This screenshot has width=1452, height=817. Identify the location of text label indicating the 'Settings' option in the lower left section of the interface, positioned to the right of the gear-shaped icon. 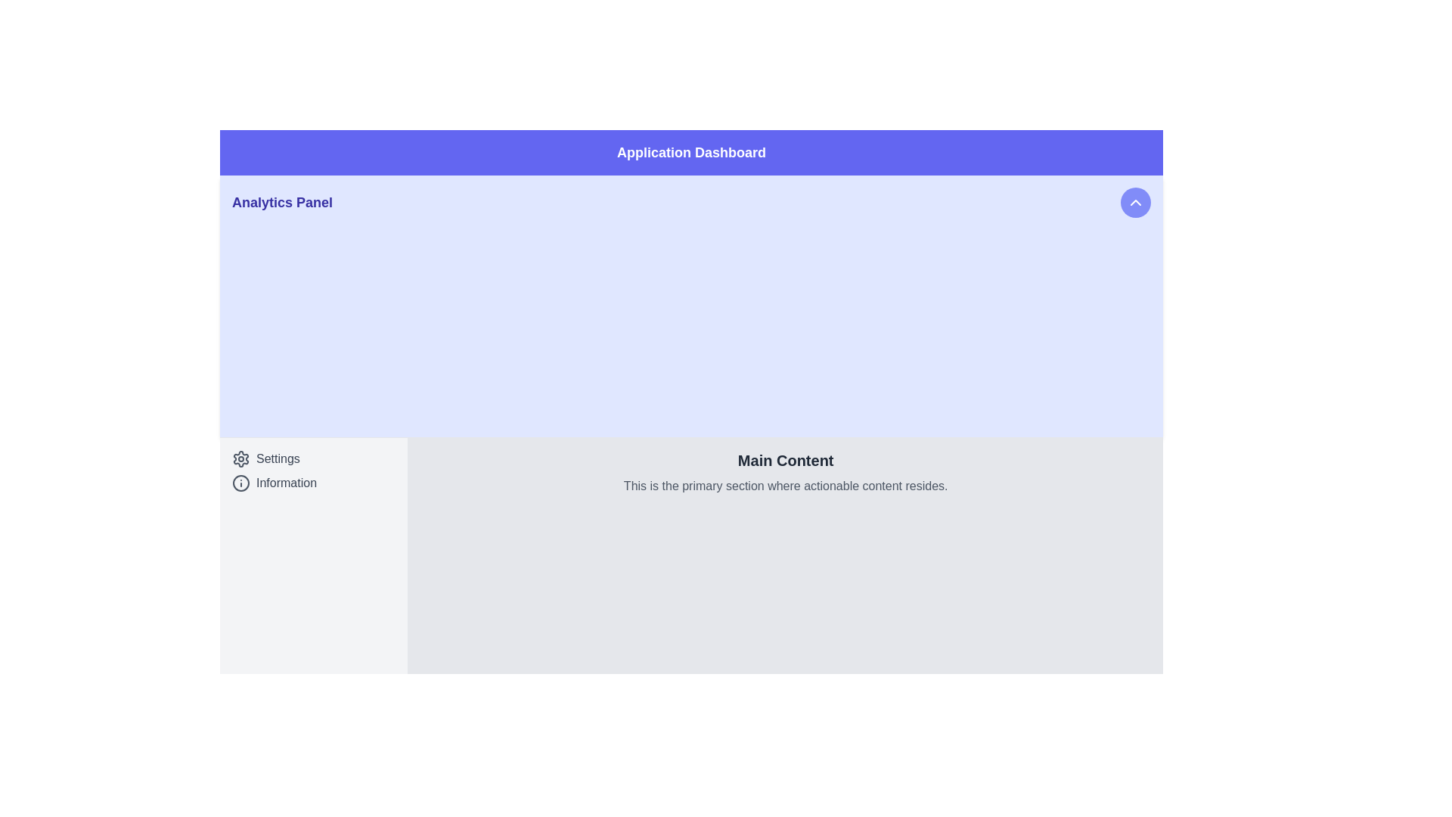
(278, 458).